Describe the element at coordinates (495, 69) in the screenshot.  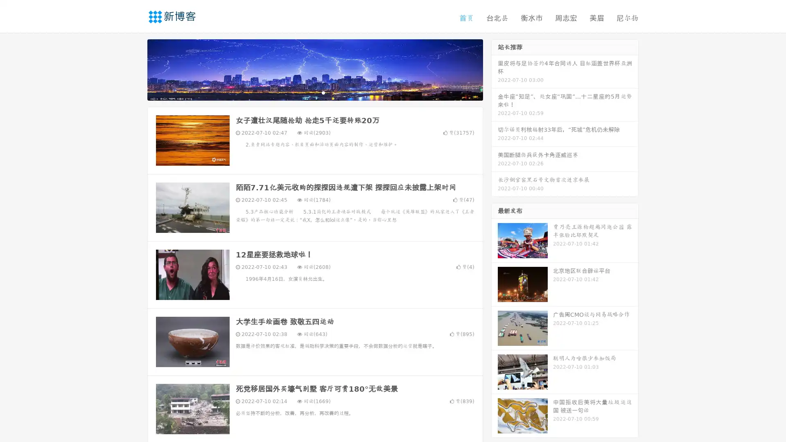
I see `Next slide` at that location.